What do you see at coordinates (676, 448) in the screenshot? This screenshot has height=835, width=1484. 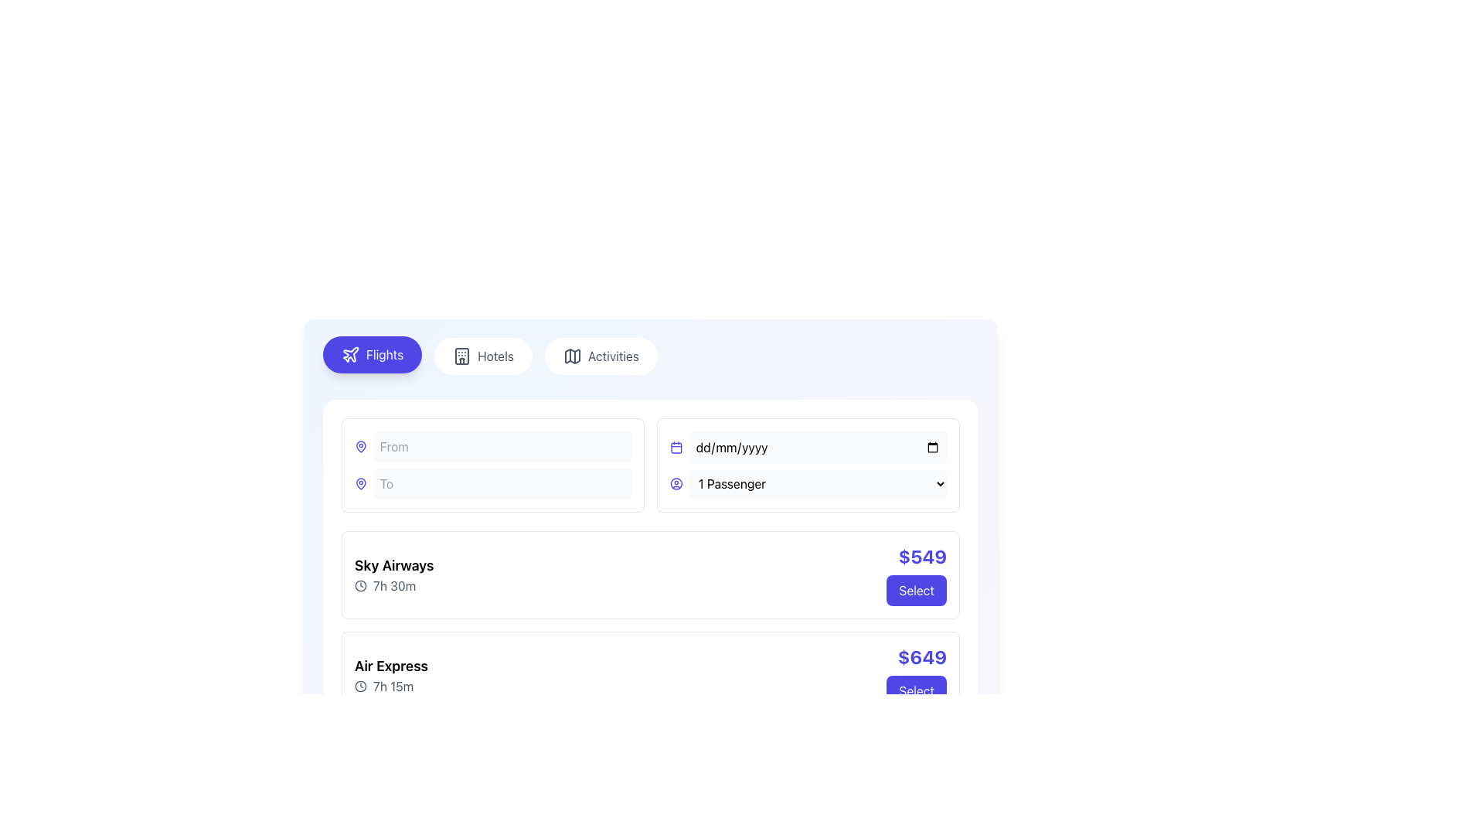 I see `the calendar icon sub-element, which is a rectangular area with an indigo outline, located on the right side of the search form next to the 'dd/mm/yyyy' input field` at bounding box center [676, 448].